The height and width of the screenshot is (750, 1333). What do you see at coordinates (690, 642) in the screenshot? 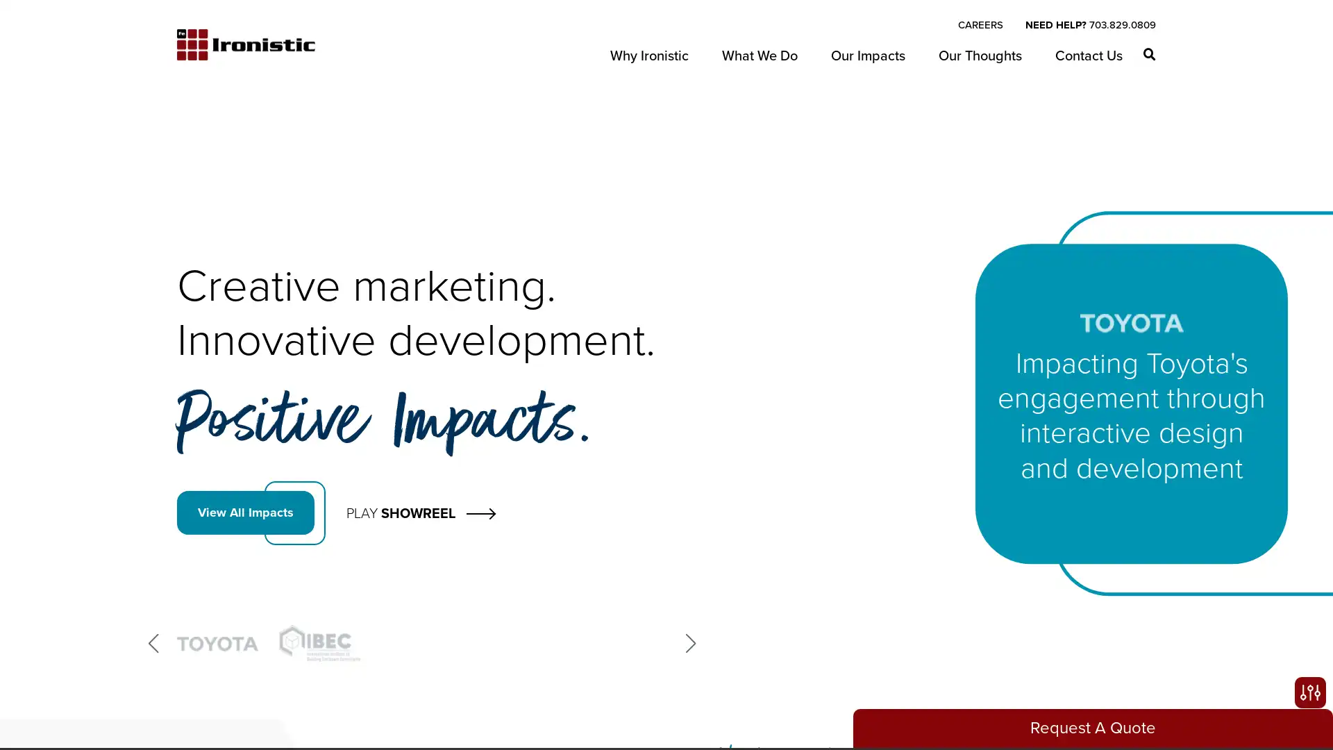
I see `Next slide` at bounding box center [690, 642].